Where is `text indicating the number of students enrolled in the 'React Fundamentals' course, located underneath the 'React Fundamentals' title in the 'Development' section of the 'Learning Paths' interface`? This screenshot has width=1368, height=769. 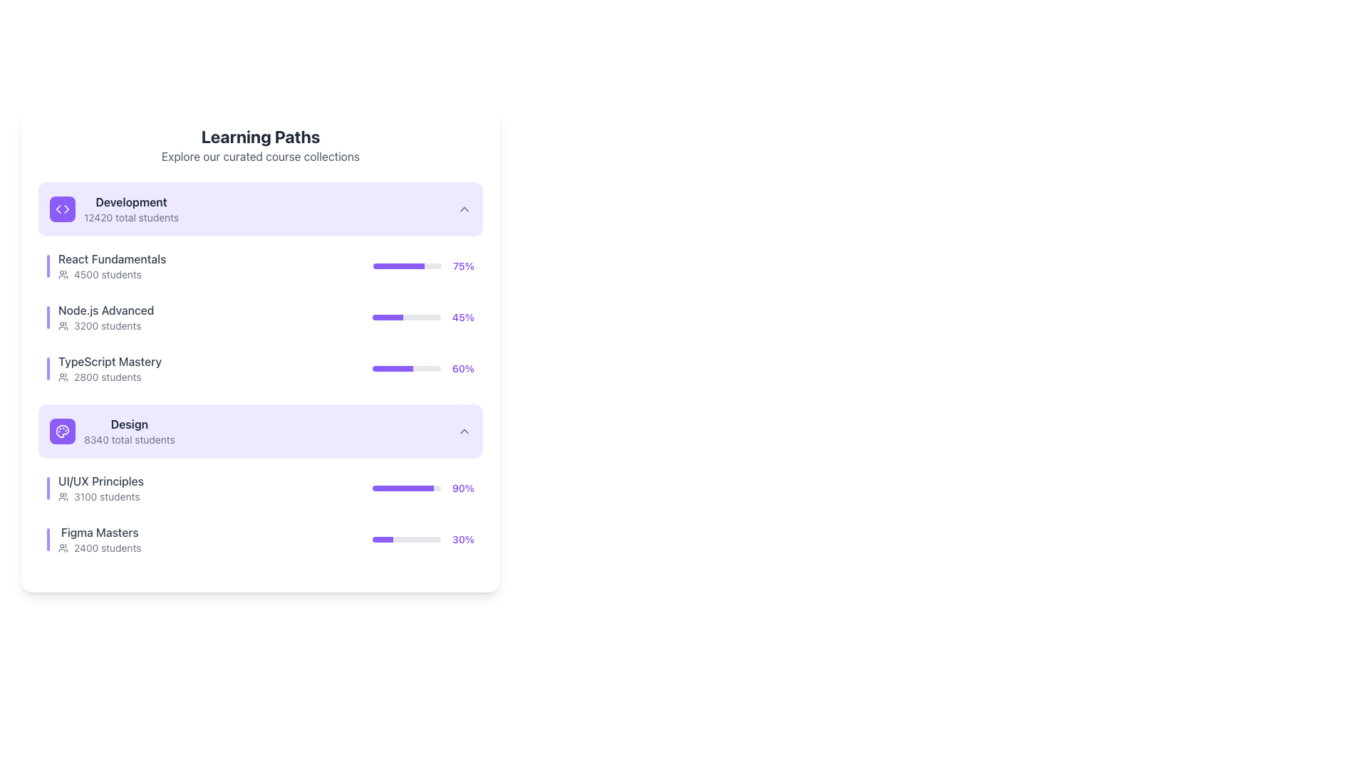 text indicating the number of students enrolled in the 'React Fundamentals' course, located underneath the 'React Fundamentals' title in the 'Development' section of the 'Learning Paths' interface is located at coordinates (111, 274).